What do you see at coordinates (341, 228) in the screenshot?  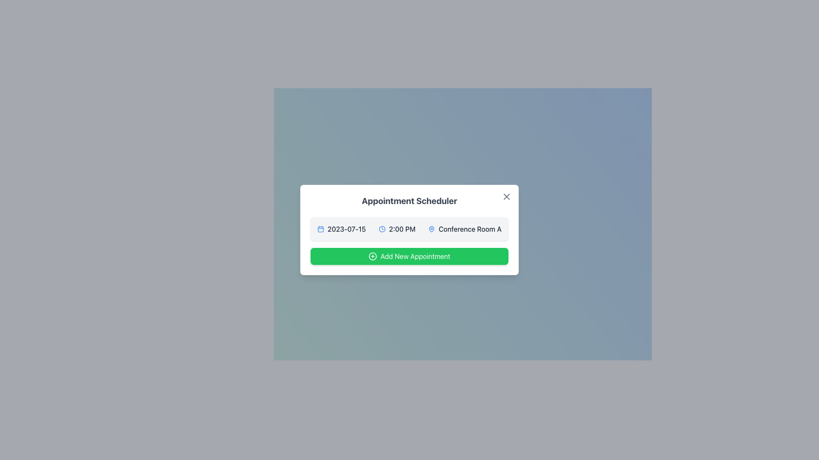 I see `the Label with Icon that displays the scheduled appointment date, located at the top-left portion of the card interface` at bounding box center [341, 228].